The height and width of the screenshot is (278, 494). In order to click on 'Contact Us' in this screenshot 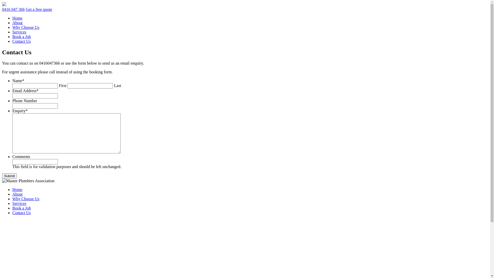, I will do `click(21, 41)`.